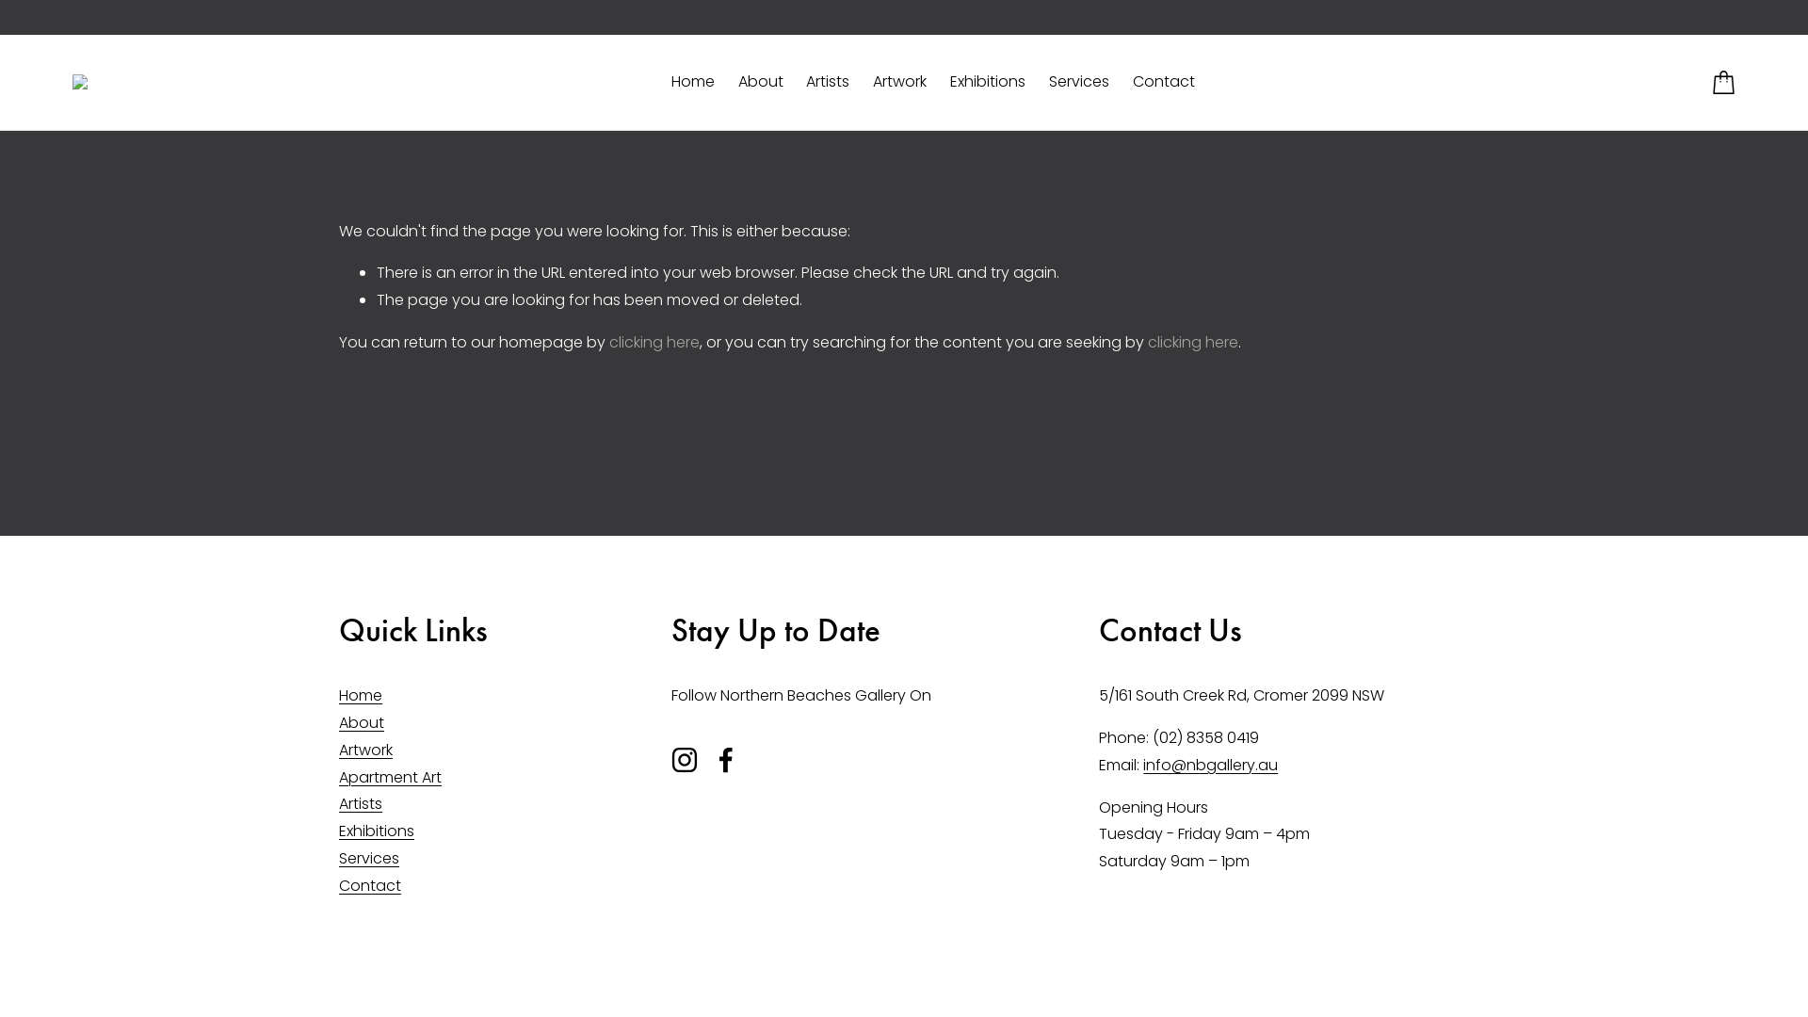 The height and width of the screenshot is (1017, 1808). What do you see at coordinates (1192, 342) in the screenshot?
I see `'clicking here'` at bounding box center [1192, 342].